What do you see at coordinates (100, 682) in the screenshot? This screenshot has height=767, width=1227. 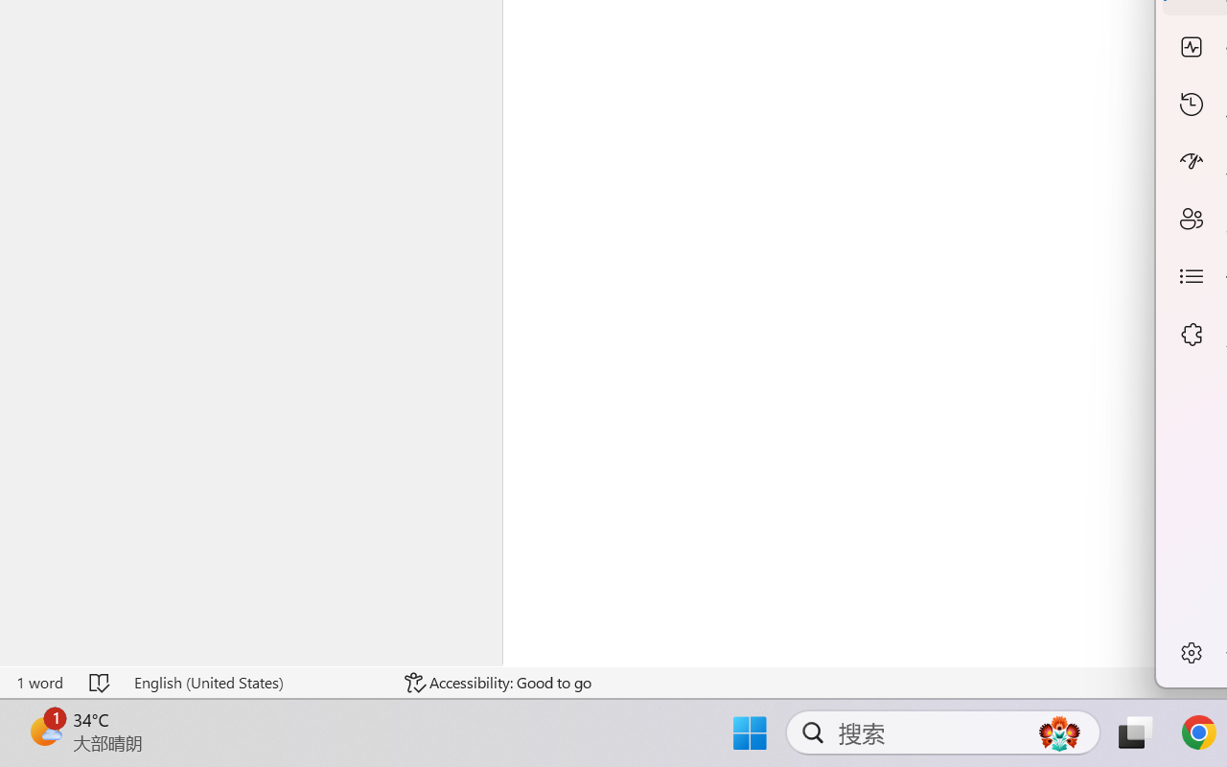 I see `'Spelling and Grammar Check No Errors'` at bounding box center [100, 682].